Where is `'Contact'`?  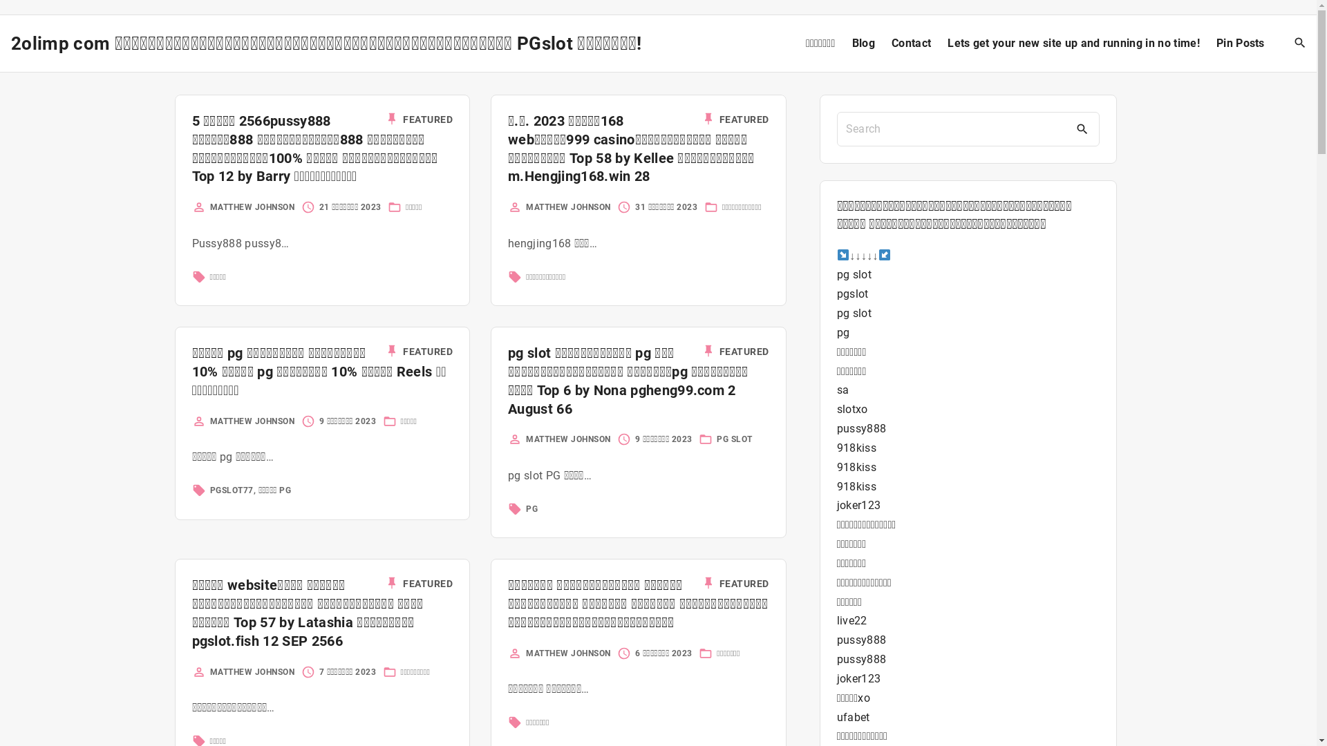
'Contact' is located at coordinates (911, 42).